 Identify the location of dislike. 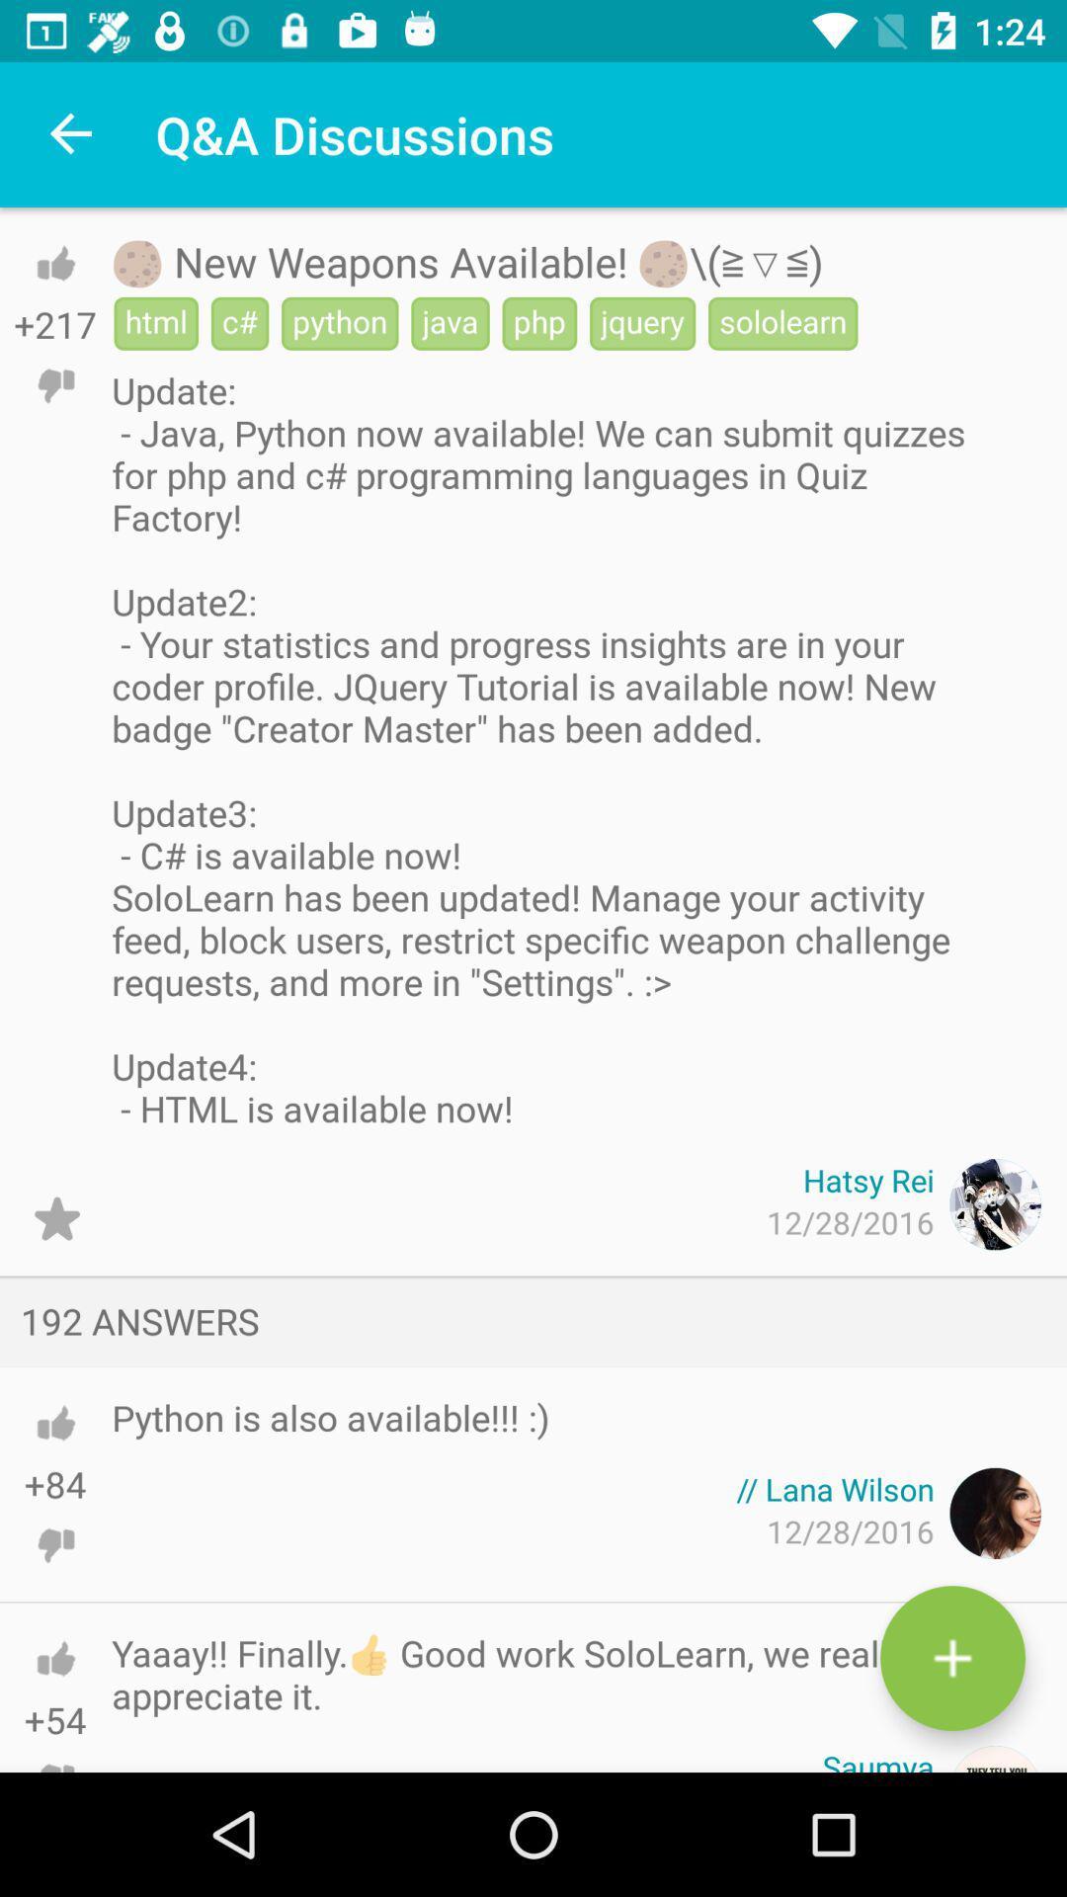
(54, 1749).